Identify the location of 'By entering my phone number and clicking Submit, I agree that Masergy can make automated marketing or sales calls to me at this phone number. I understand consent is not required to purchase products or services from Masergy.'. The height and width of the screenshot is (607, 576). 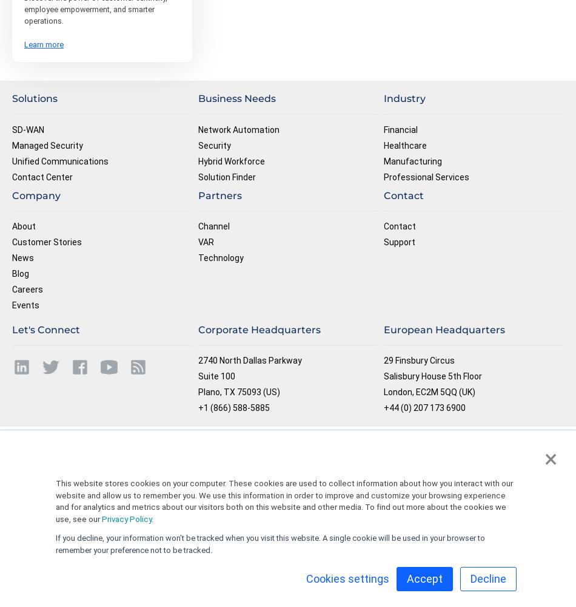
(281, 174).